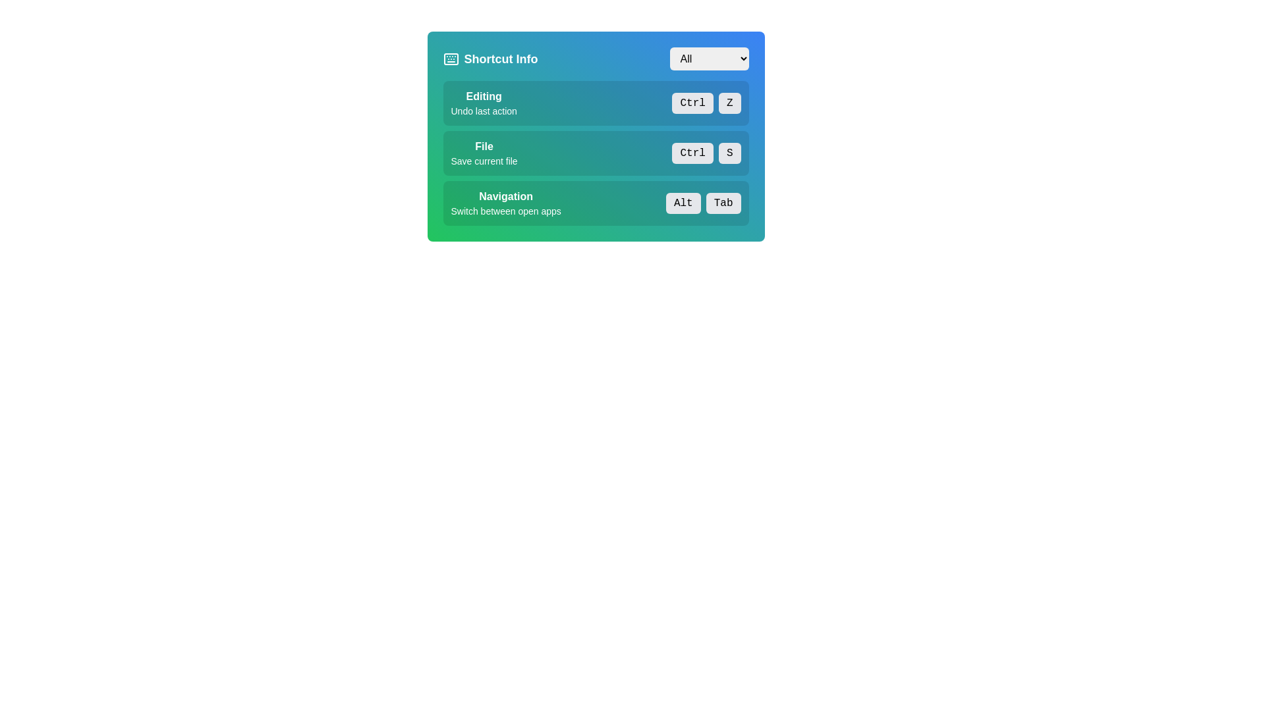 The height and width of the screenshot is (711, 1265). What do you see at coordinates (706, 103) in the screenshot?
I see `the Keyboard Shortcut Indicator for the undo action, located to the right of 'Undo last action' and below 'Editing'` at bounding box center [706, 103].